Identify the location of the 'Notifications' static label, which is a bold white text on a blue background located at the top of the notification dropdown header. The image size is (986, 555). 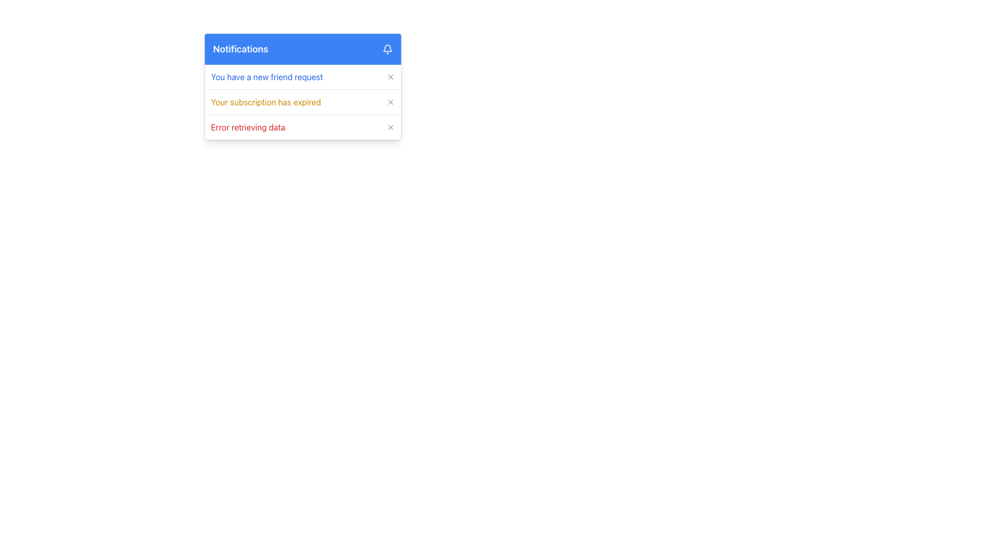
(240, 49).